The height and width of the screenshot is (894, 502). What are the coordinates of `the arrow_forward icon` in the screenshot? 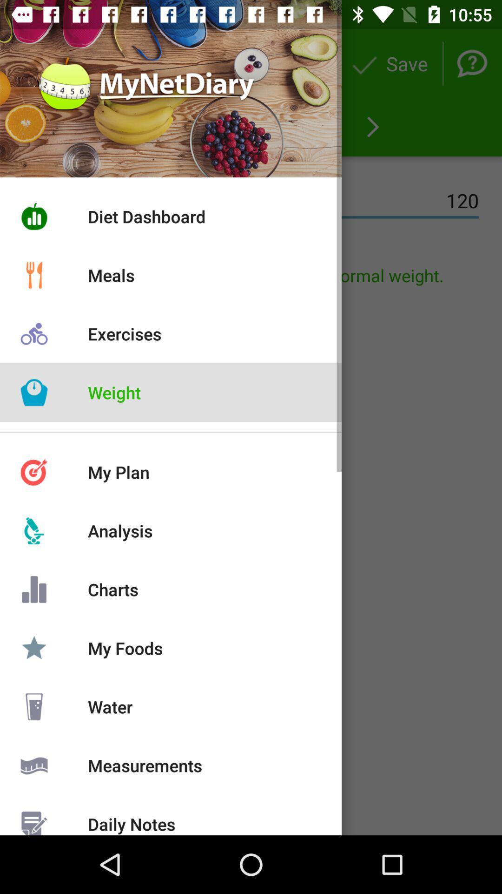 It's located at (372, 127).